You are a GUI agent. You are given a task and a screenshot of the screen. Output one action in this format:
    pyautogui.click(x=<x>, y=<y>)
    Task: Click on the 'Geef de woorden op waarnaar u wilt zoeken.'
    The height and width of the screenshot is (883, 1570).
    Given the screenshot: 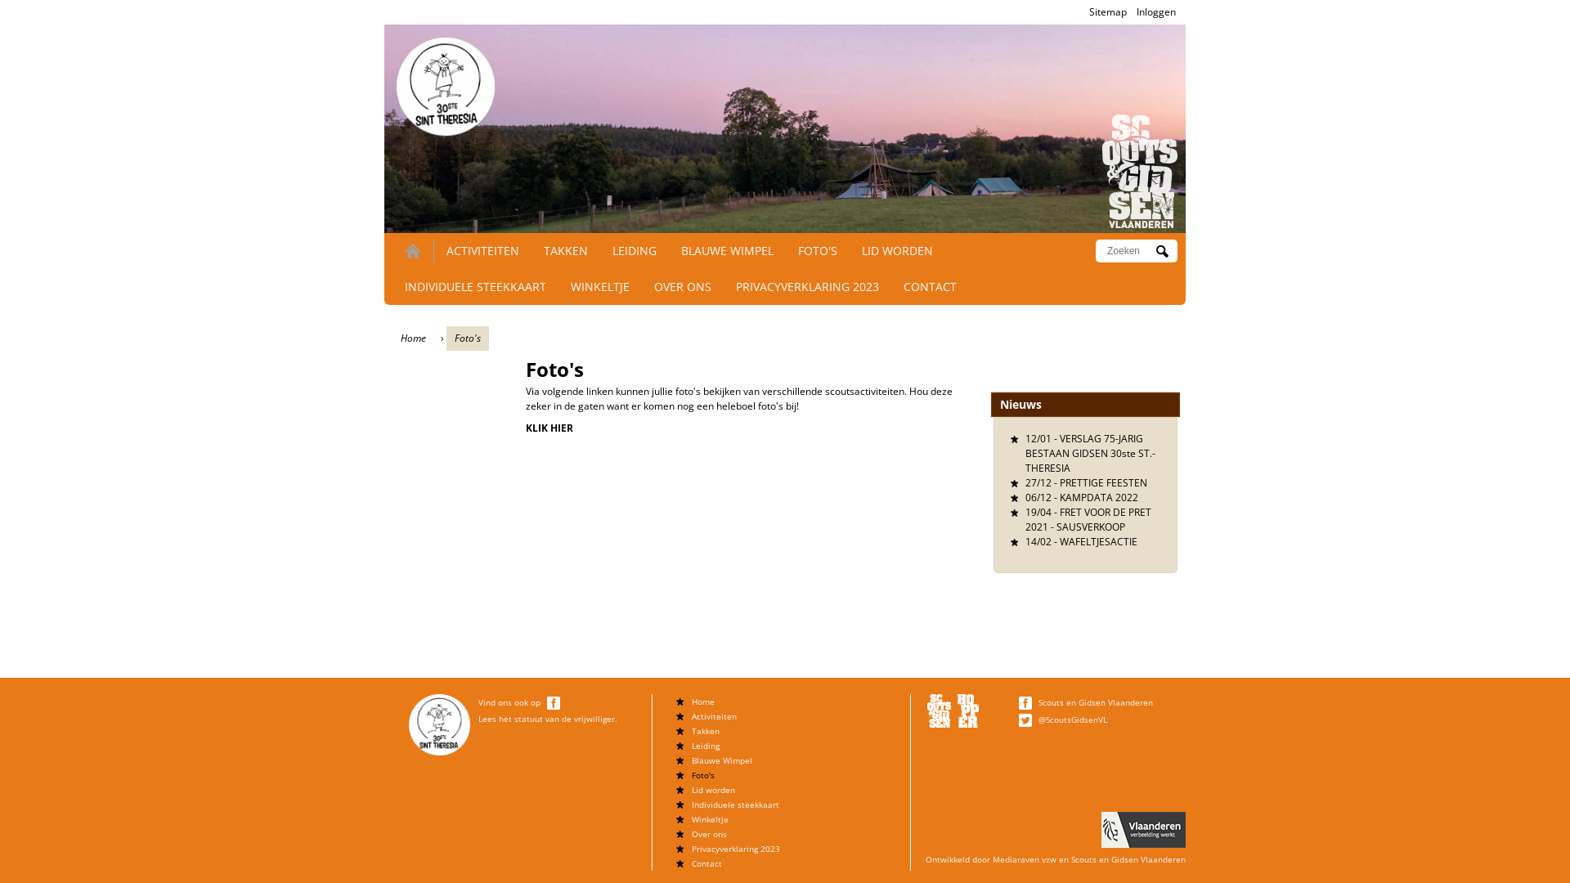 What is the action you would take?
    pyautogui.click(x=1129, y=251)
    